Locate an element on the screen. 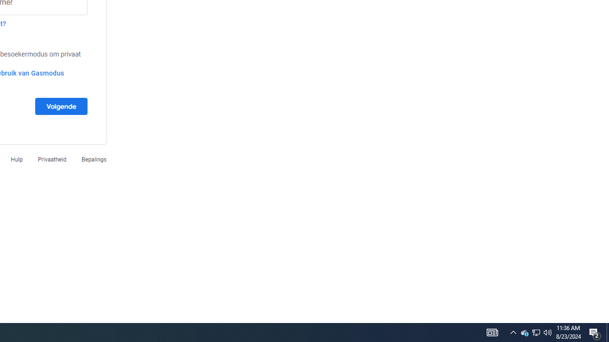 The width and height of the screenshot is (609, 342). 'Volgende' is located at coordinates (60, 106).